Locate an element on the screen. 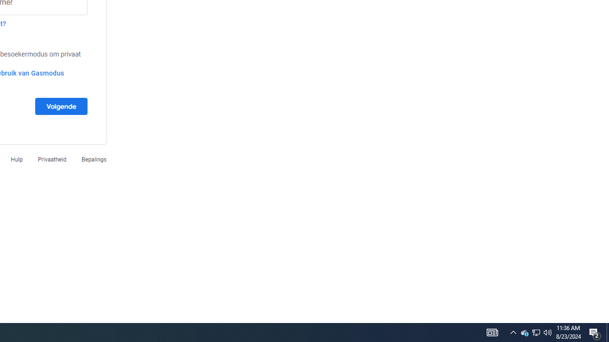 The width and height of the screenshot is (609, 342). 'Volgende' is located at coordinates (60, 106).